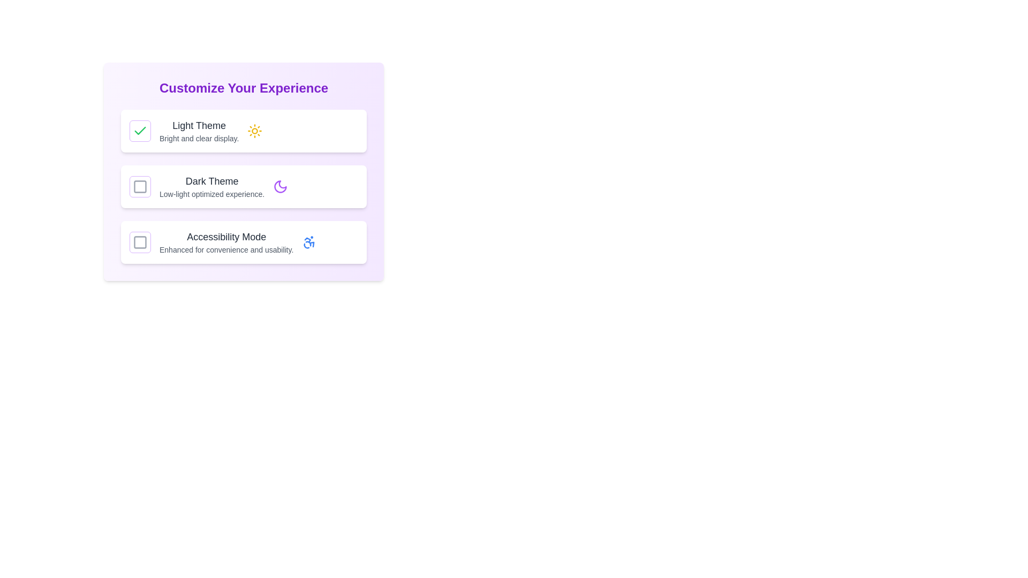 This screenshot has width=1028, height=578. I want to click on the 'Light Theme' checkbox styled as a button, which indicates the selection status for the theme, so click(140, 131).